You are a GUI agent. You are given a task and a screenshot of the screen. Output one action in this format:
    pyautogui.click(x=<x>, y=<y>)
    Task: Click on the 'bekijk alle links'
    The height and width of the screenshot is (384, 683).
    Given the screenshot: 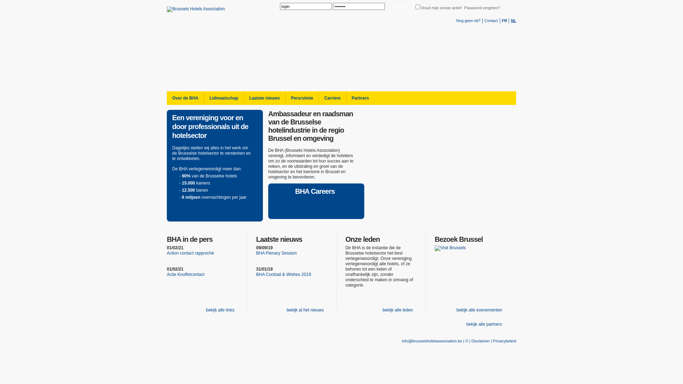 What is the action you would take?
    pyautogui.click(x=219, y=310)
    